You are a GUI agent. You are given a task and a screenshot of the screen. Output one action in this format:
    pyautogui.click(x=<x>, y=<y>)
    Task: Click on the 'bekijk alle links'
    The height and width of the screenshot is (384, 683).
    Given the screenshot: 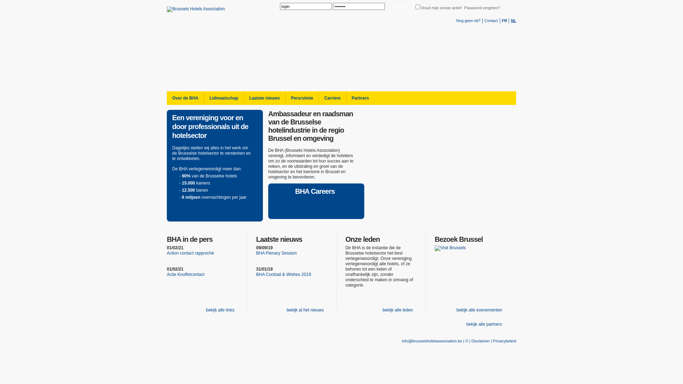 What is the action you would take?
    pyautogui.click(x=219, y=310)
    